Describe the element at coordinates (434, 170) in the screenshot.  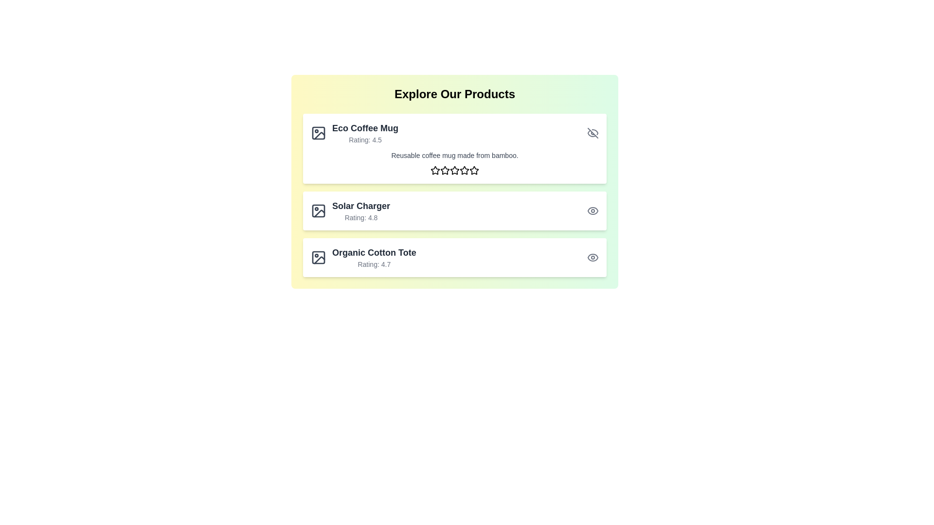
I see `the rating to 1 stars by clicking on the corresponding star icon` at that location.